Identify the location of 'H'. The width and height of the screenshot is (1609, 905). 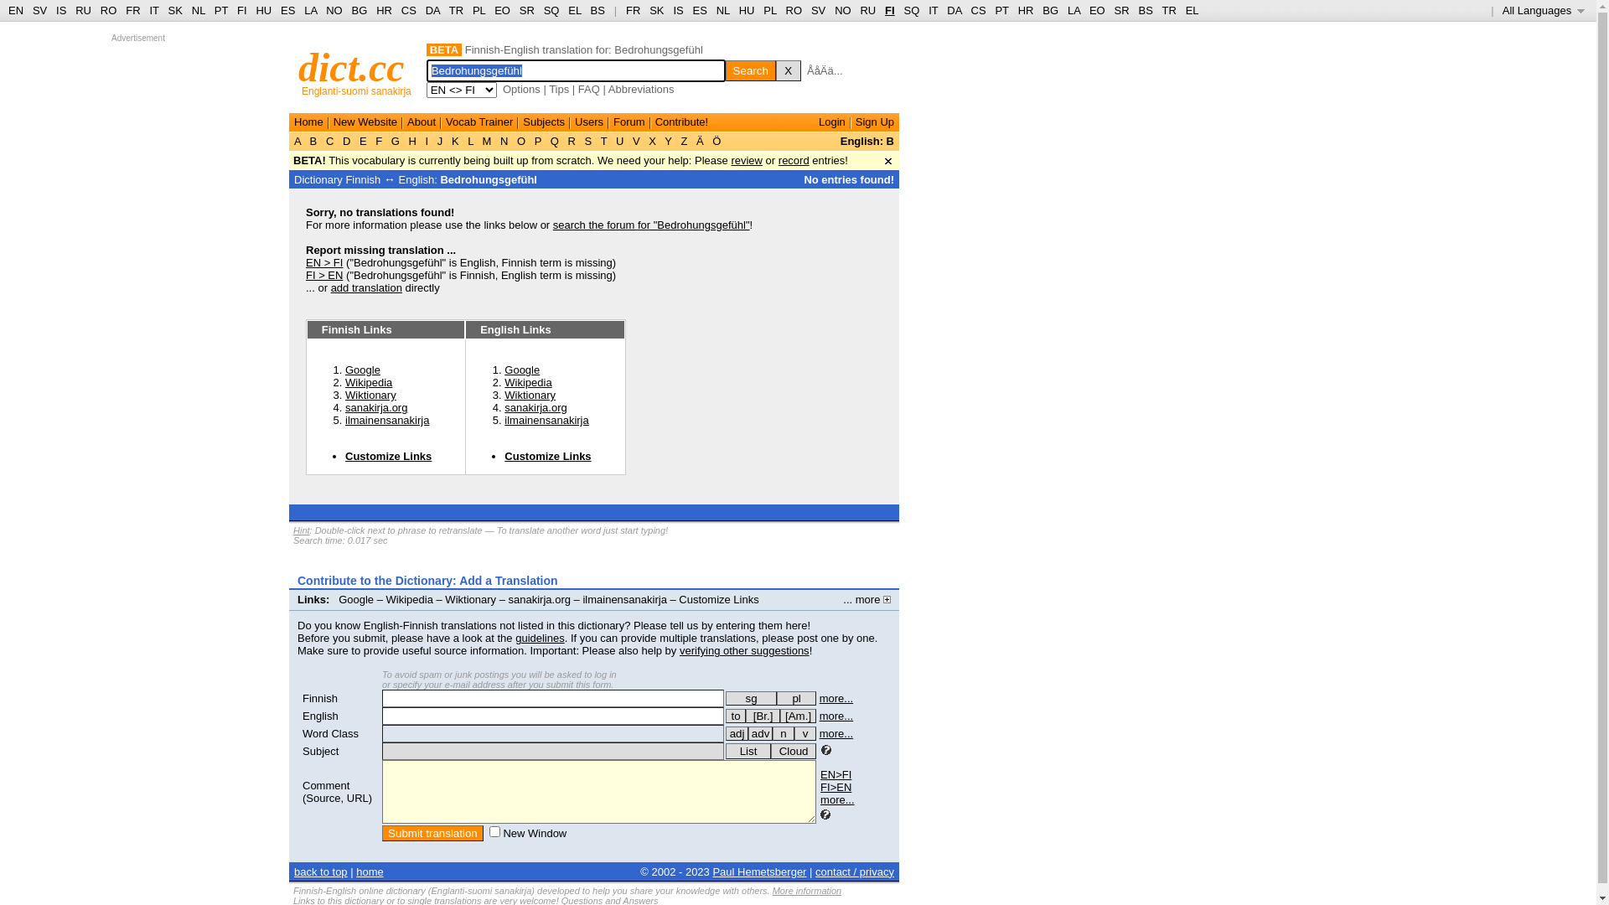
(412, 140).